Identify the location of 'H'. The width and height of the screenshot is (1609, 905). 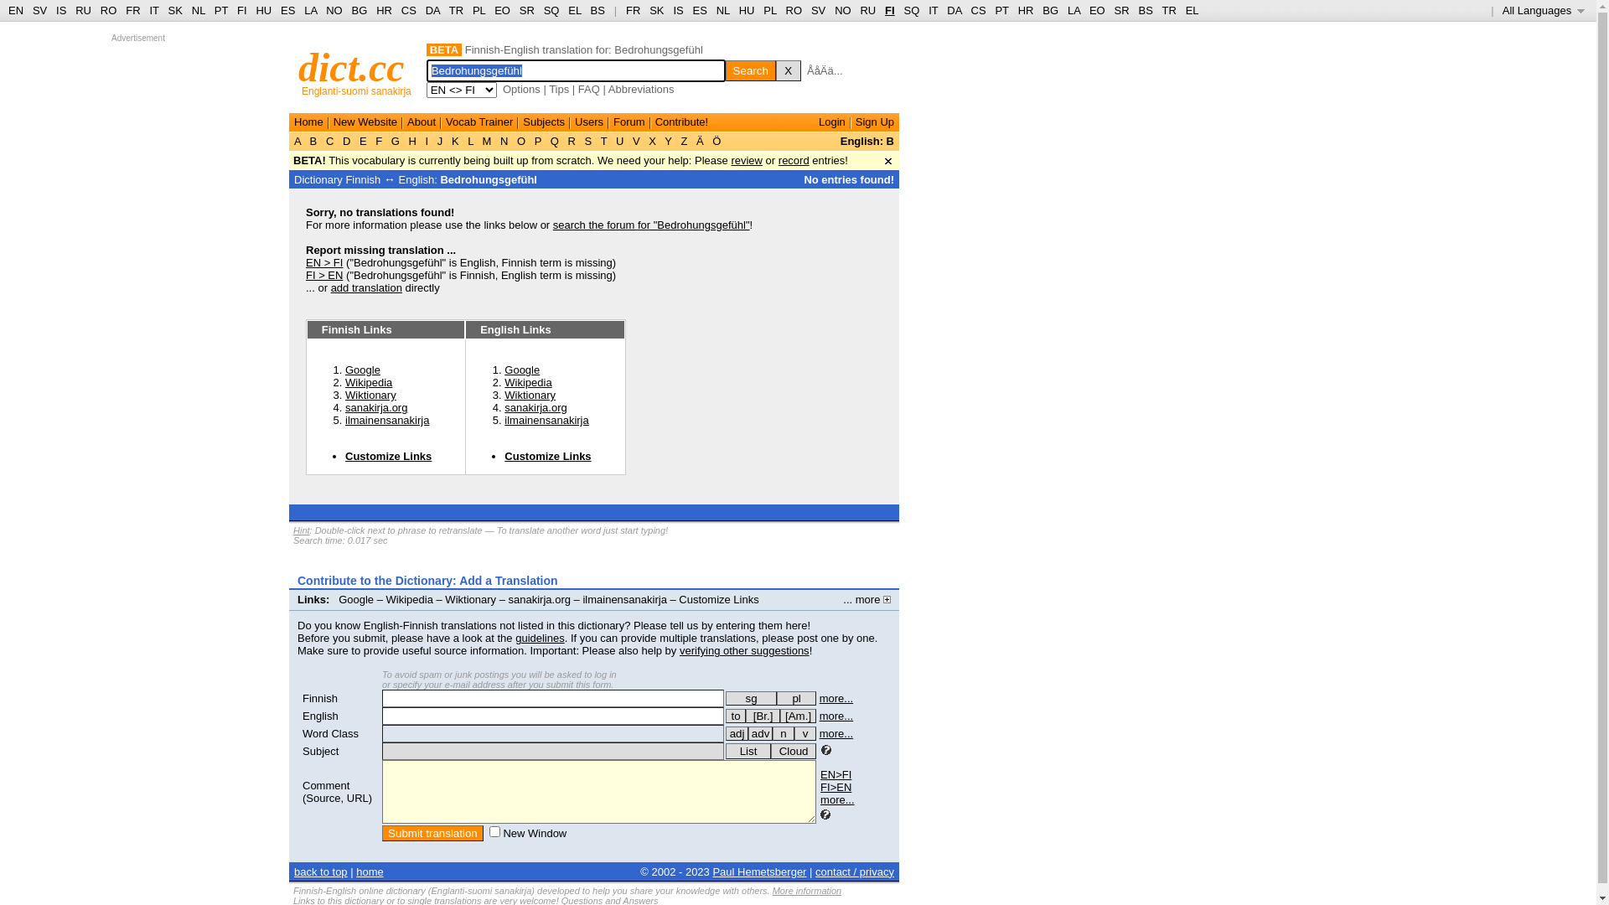
(412, 140).